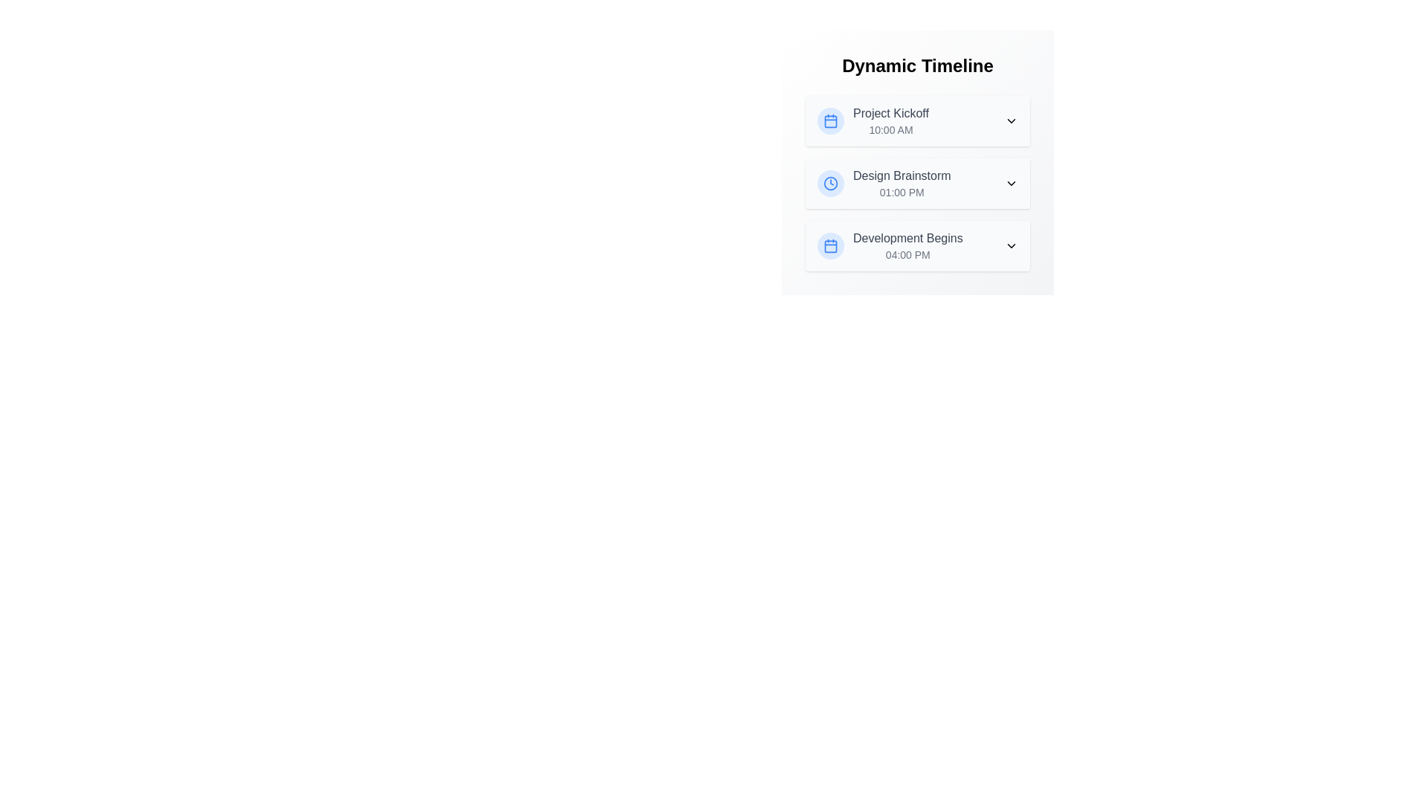 Image resolution: width=1427 pixels, height=803 pixels. I want to click on displayed information from the text display element showing 'Development Begins' and its time '04:00 PM' in the Dynamic Timeline interface, so click(907, 245).